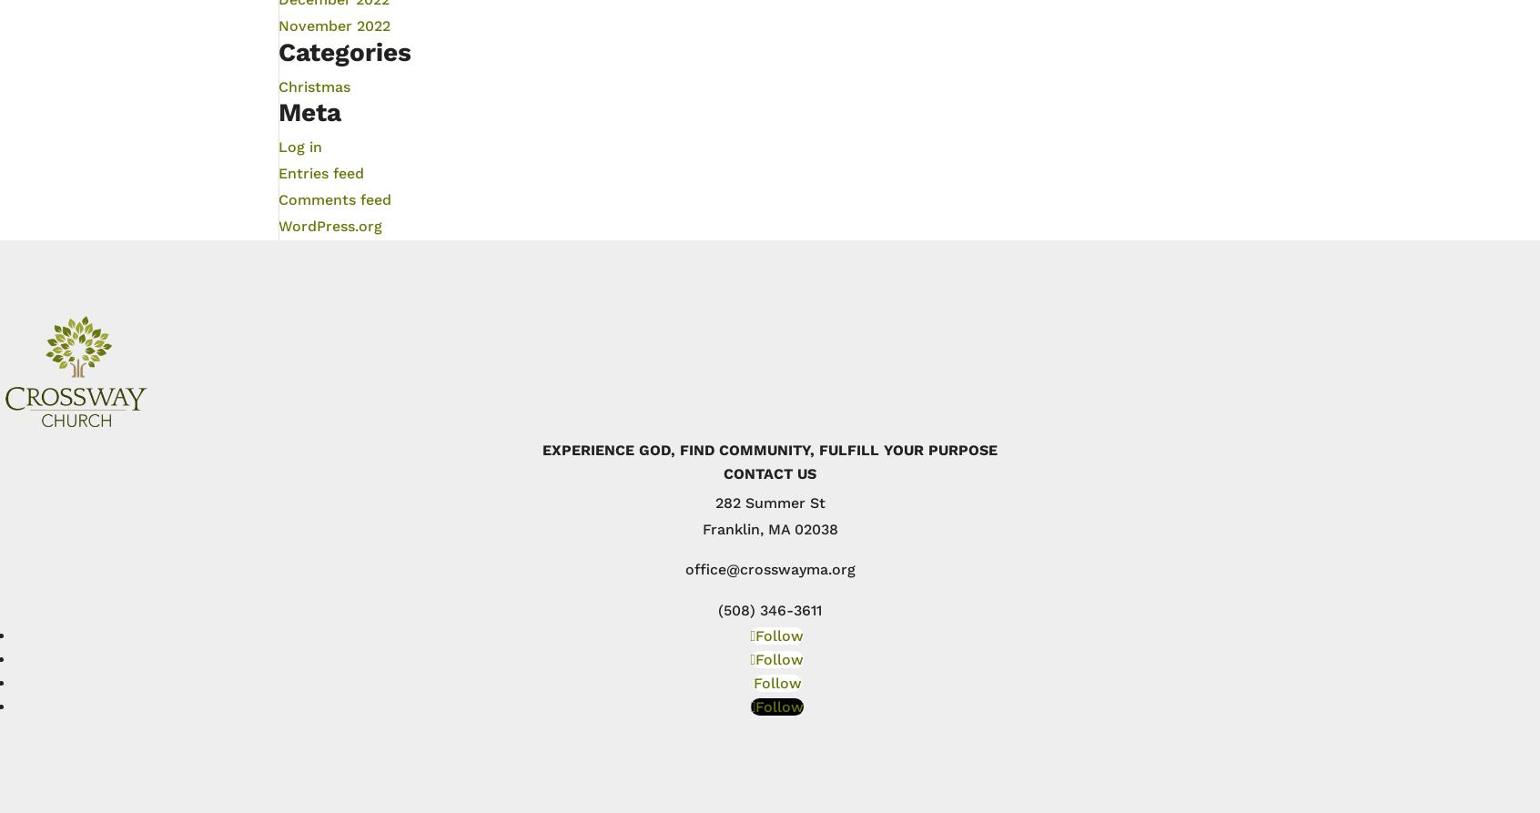  What do you see at coordinates (769, 501) in the screenshot?
I see `'282 Summer St'` at bounding box center [769, 501].